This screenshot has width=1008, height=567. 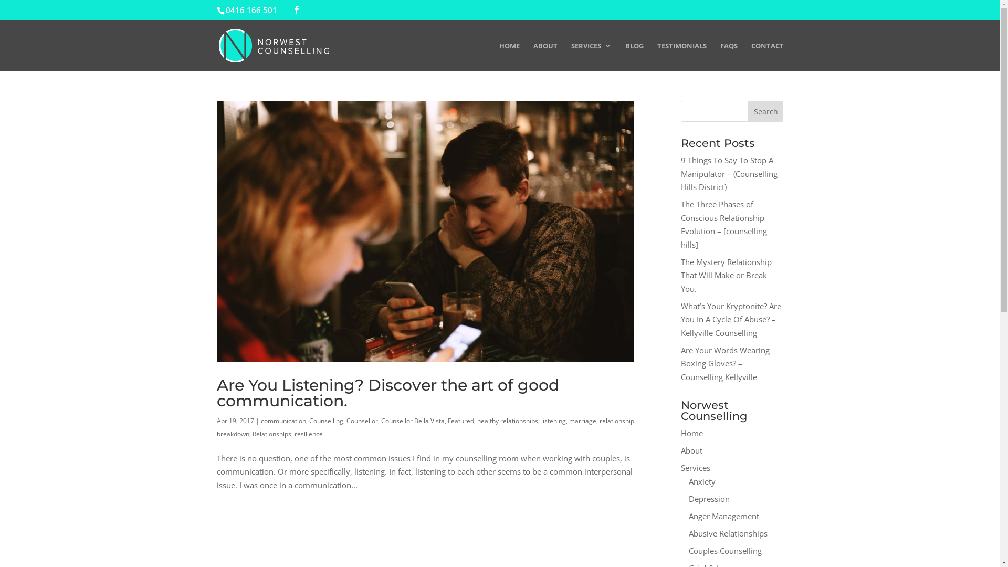 What do you see at coordinates (691, 449) in the screenshot?
I see `'About'` at bounding box center [691, 449].